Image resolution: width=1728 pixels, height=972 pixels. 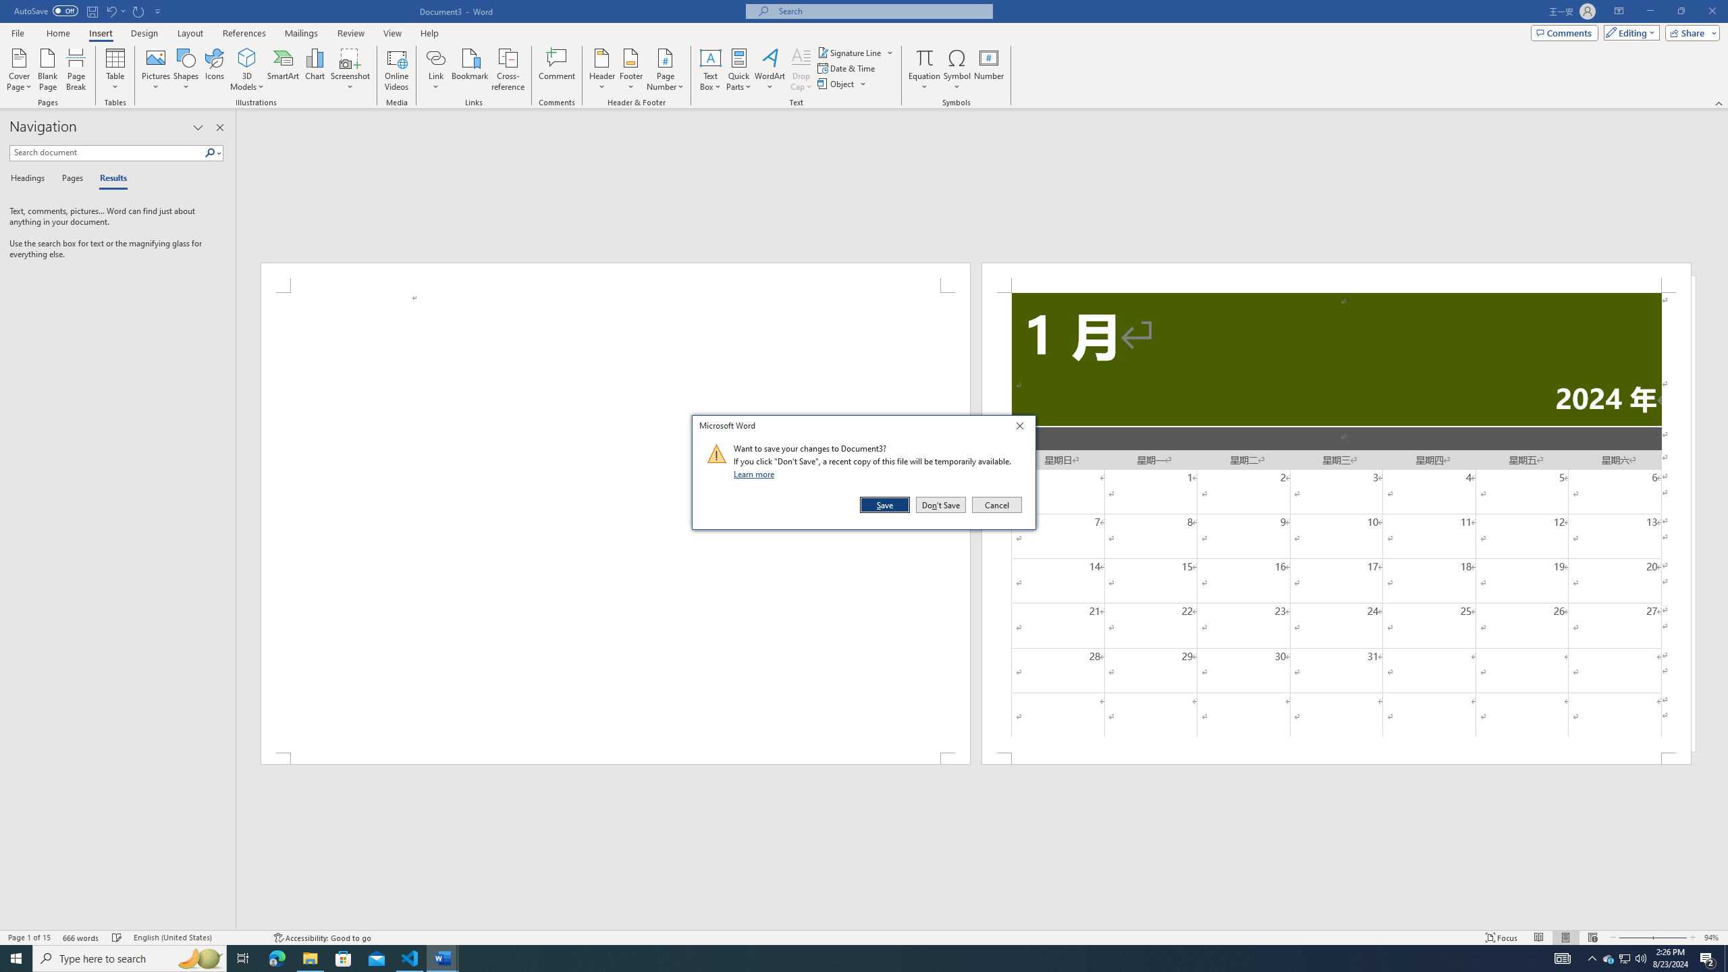 I want to click on 'Equation', so click(x=924, y=70).